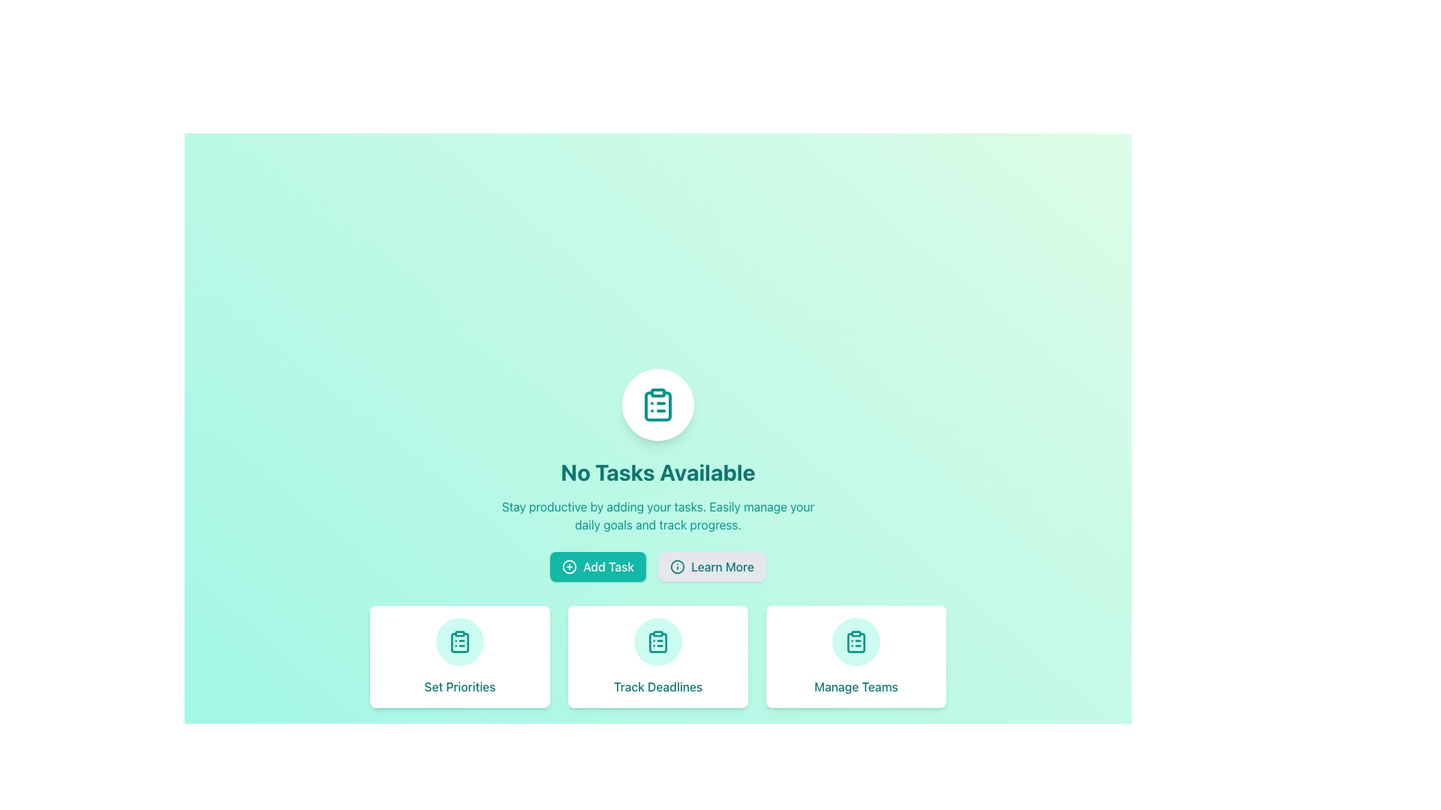 Image resolution: width=1441 pixels, height=810 pixels. What do you see at coordinates (658, 471) in the screenshot?
I see `the text label indicating that there are no tasks currently available, which is centered below the clipboard icon` at bounding box center [658, 471].